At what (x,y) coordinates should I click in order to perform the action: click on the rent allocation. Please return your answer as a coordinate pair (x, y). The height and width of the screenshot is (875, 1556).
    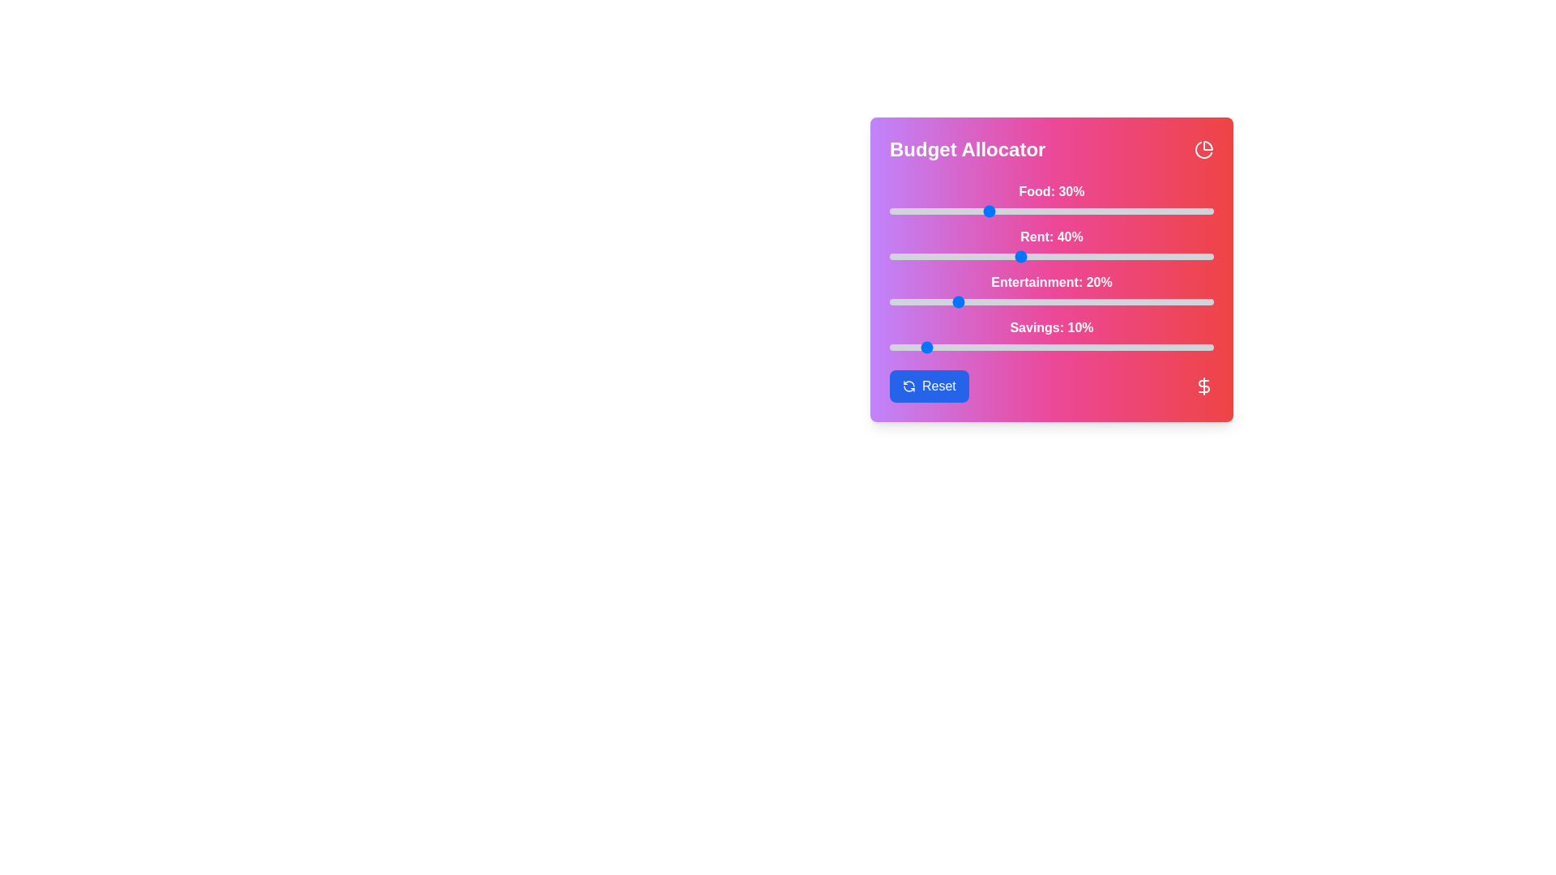
    Looking at the image, I should click on (1109, 255).